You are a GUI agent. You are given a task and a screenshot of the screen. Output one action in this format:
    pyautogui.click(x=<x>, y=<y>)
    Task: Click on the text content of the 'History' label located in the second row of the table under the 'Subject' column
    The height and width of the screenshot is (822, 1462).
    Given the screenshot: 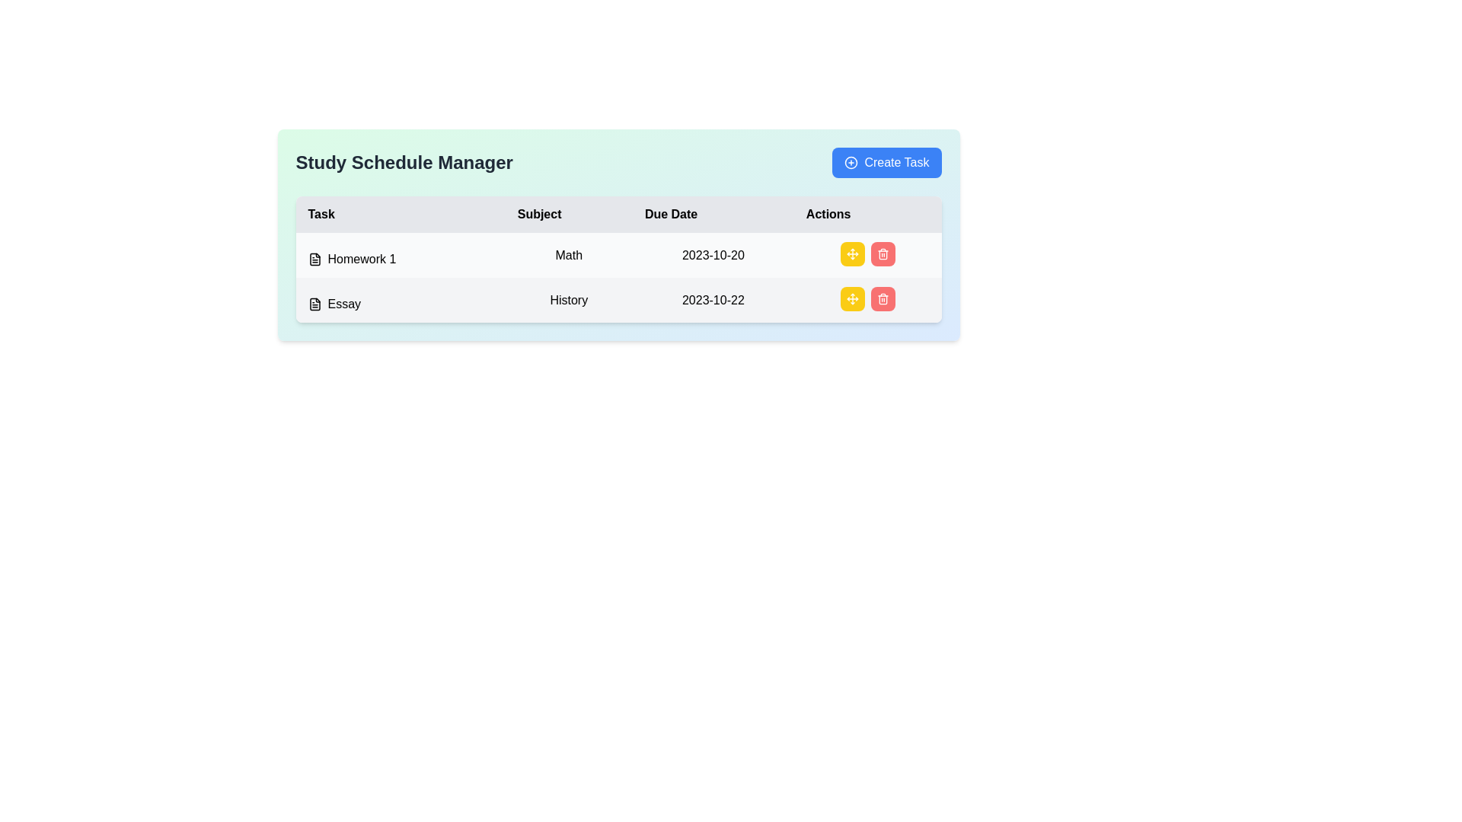 What is the action you would take?
    pyautogui.click(x=568, y=300)
    